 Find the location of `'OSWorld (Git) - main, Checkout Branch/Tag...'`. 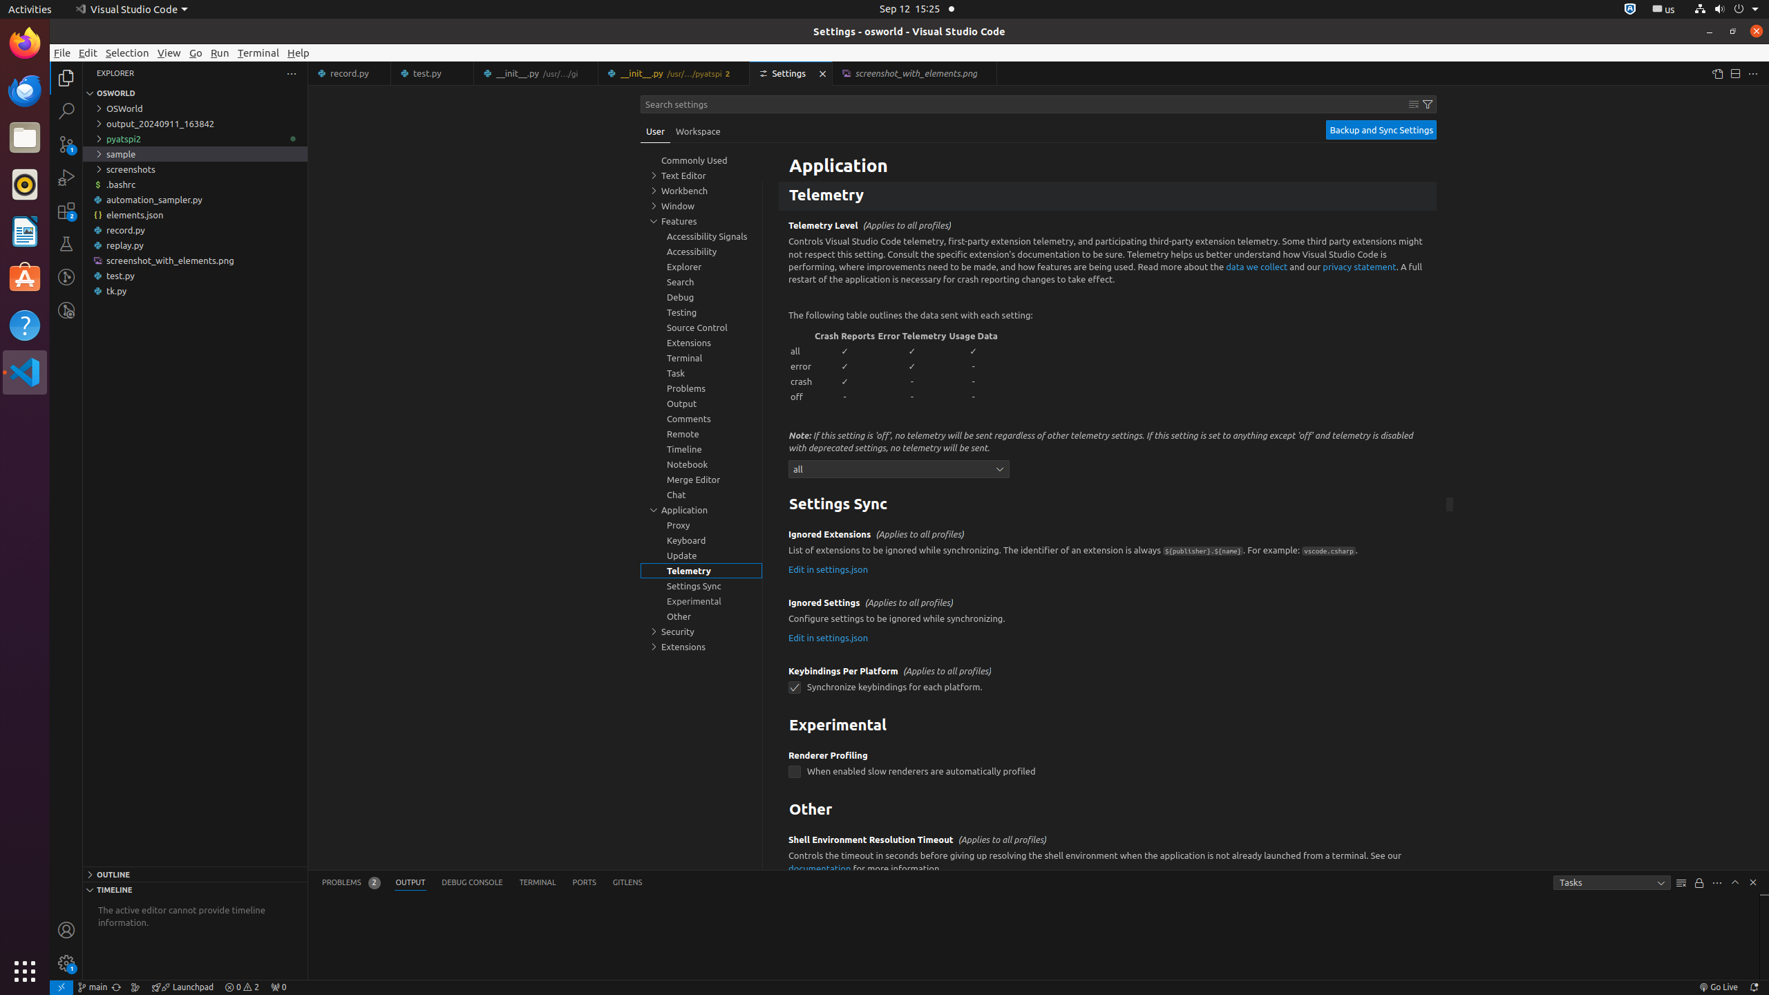

'OSWorld (Git) - main, Checkout Branch/Tag...' is located at coordinates (92, 987).